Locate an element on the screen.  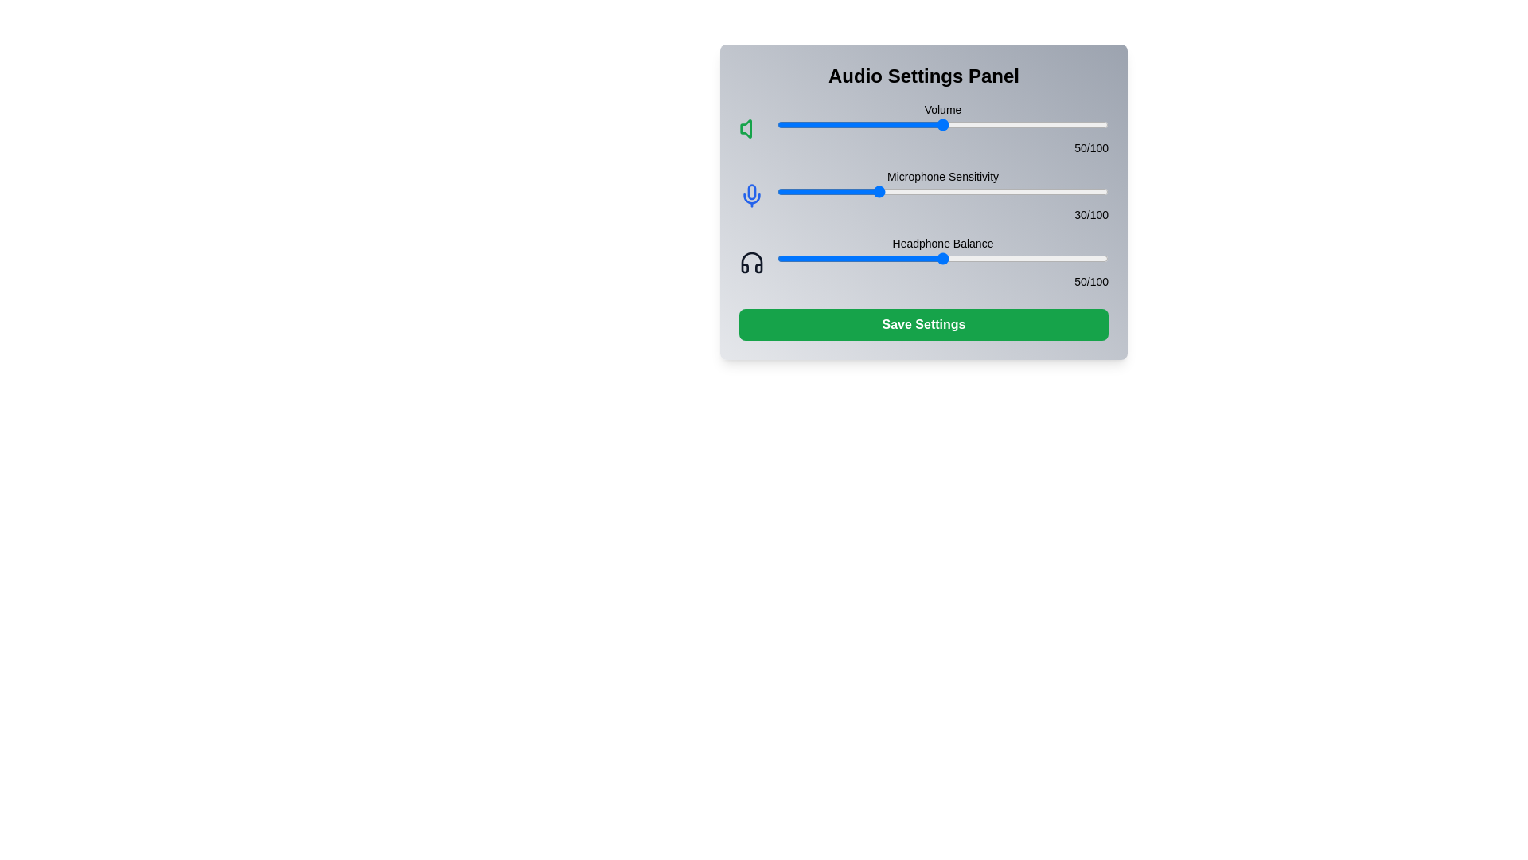
the volume slider is located at coordinates (995, 124).